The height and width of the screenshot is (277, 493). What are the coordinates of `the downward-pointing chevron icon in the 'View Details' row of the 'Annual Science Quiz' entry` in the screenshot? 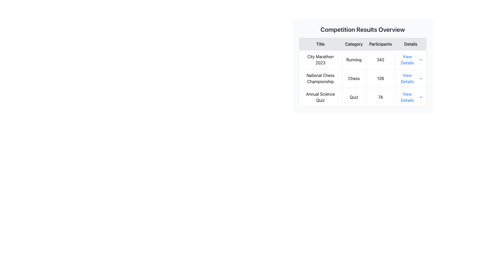 It's located at (421, 97).